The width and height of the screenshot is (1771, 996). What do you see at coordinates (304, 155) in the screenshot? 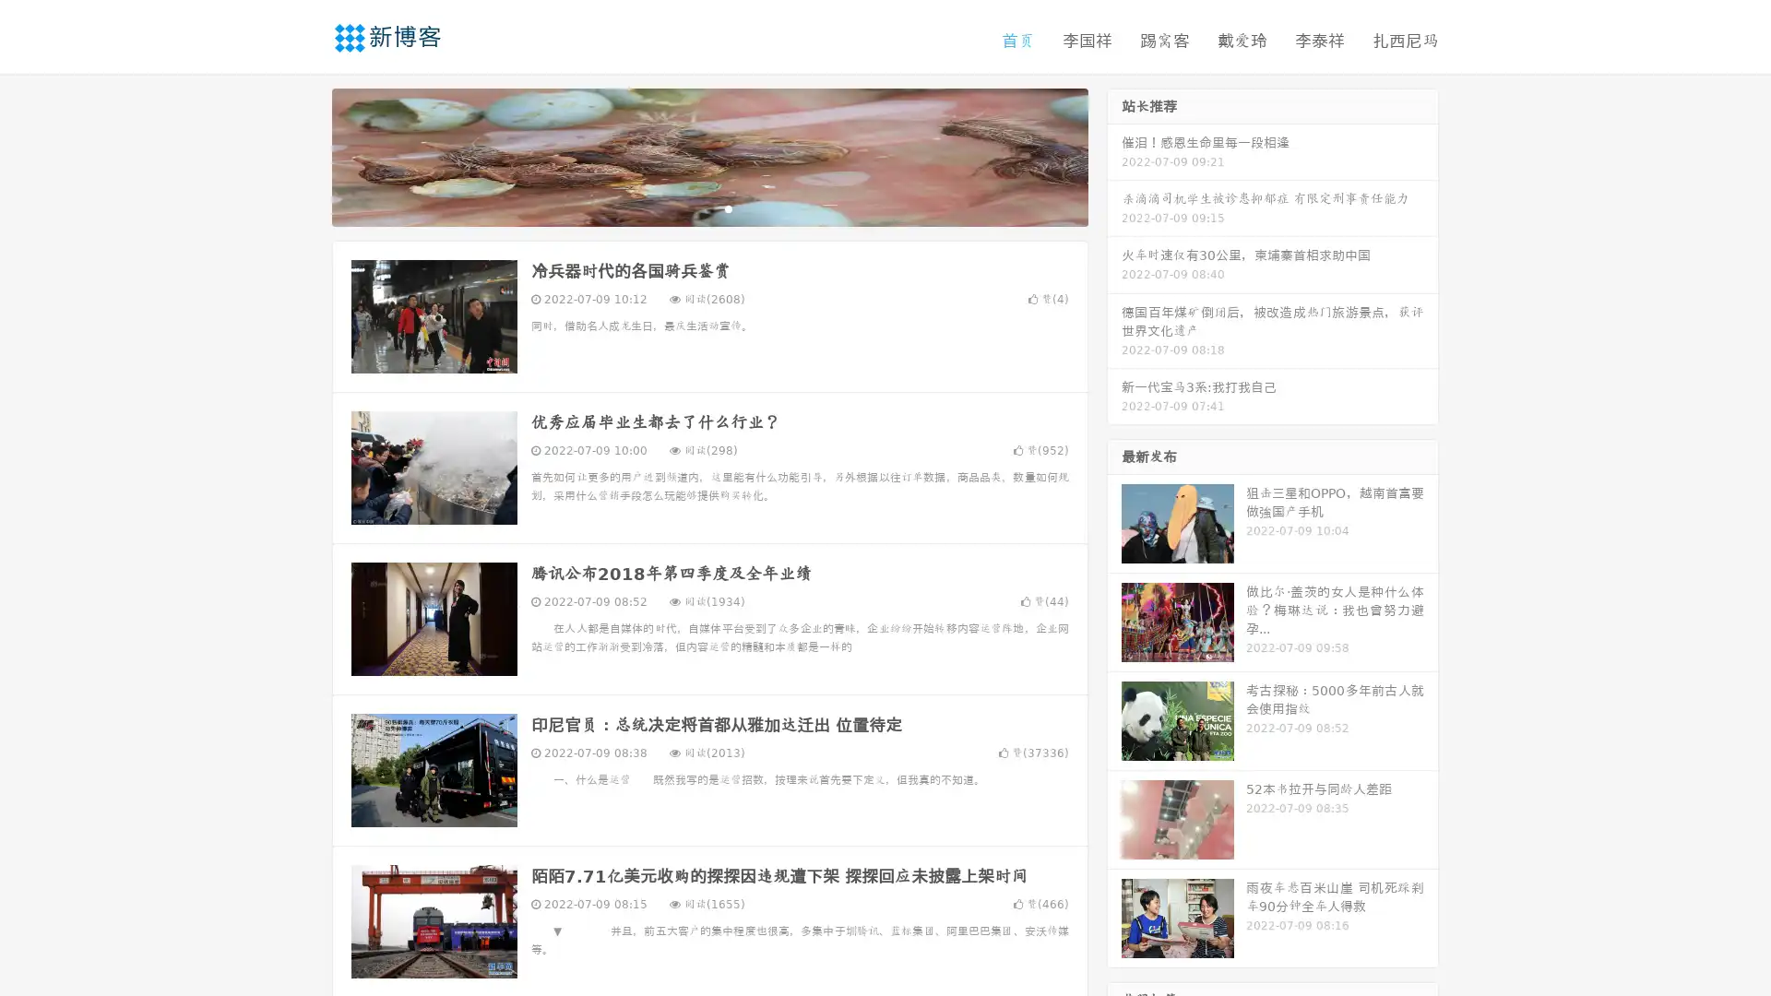
I see `Previous slide` at bounding box center [304, 155].